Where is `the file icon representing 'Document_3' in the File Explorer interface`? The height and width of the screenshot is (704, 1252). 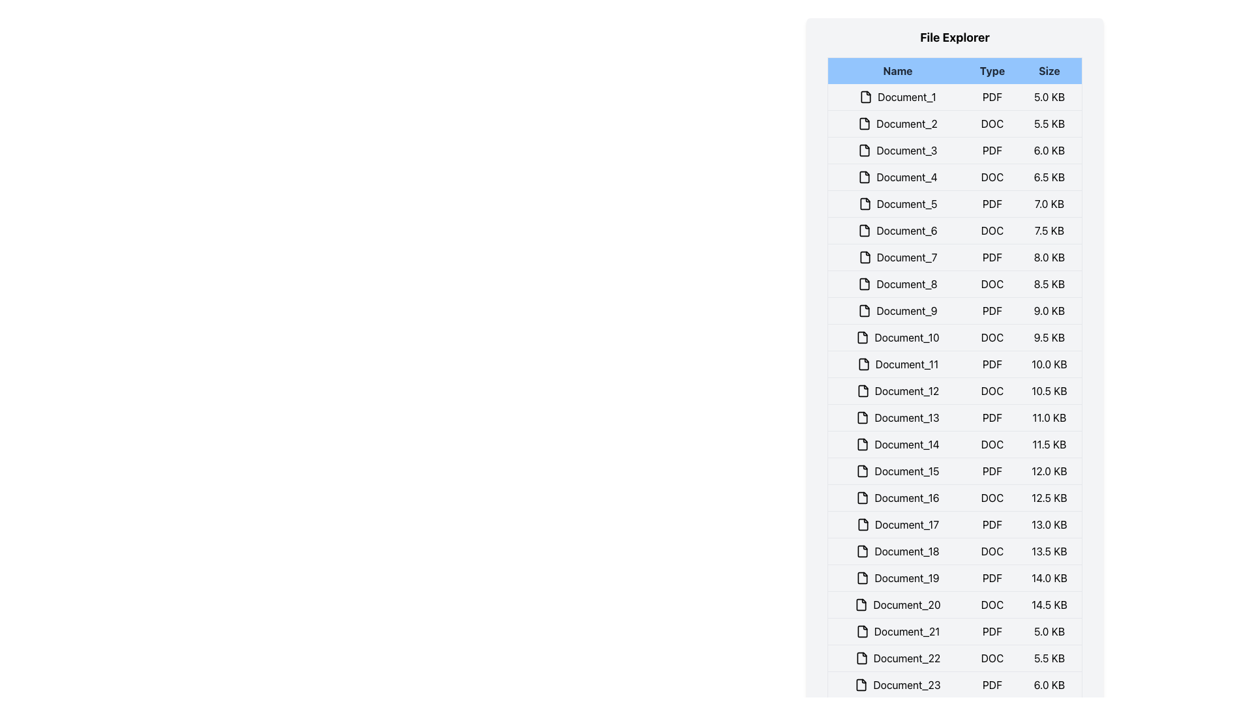 the file icon representing 'Document_3' in the File Explorer interface is located at coordinates (865, 150).